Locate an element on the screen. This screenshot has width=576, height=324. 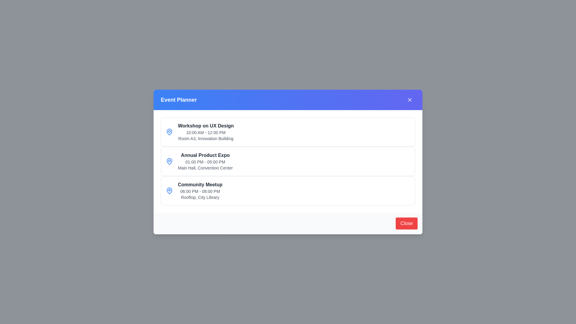
the section corresponding to Community Meetup is located at coordinates (288, 191).